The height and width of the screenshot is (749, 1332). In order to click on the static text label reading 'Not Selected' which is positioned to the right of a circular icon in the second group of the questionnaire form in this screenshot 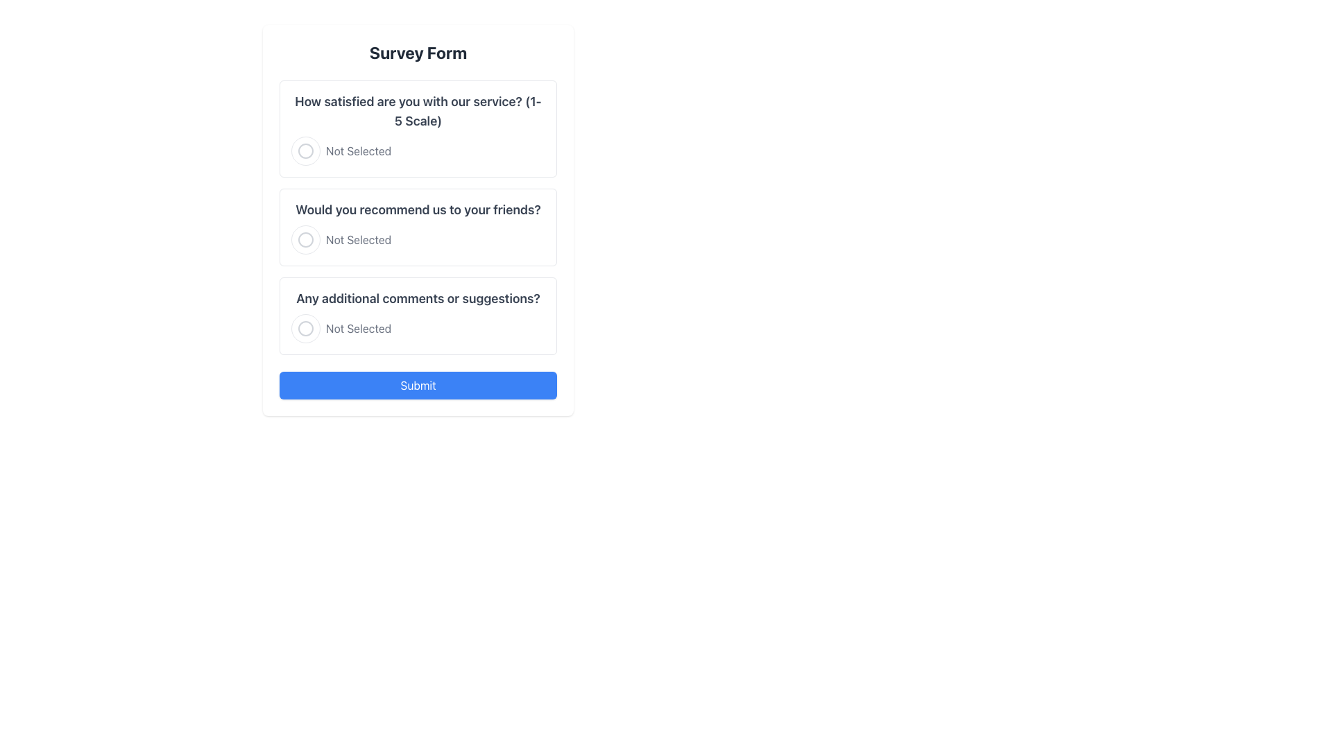, I will do `click(359, 239)`.